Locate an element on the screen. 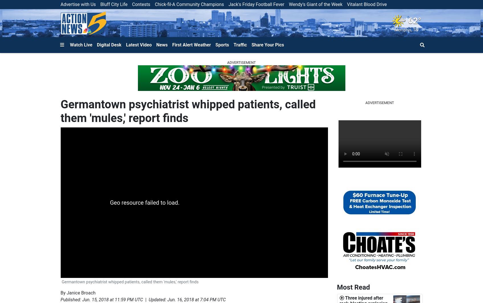 The width and height of the screenshot is (483, 303). 'First Alert Weather' is located at coordinates (191, 44).